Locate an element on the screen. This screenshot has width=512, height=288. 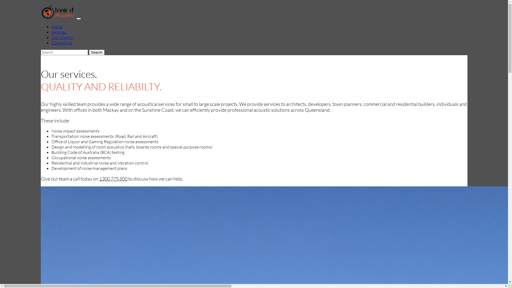
'Contact Us' is located at coordinates (61, 42).